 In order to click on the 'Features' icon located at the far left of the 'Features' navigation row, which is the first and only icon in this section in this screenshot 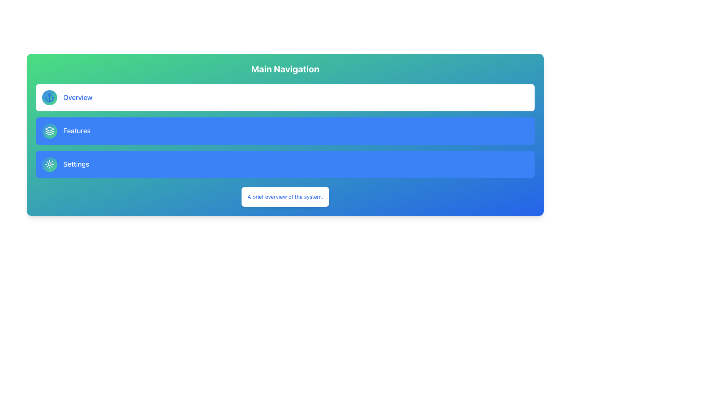, I will do `click(49, 131)`.